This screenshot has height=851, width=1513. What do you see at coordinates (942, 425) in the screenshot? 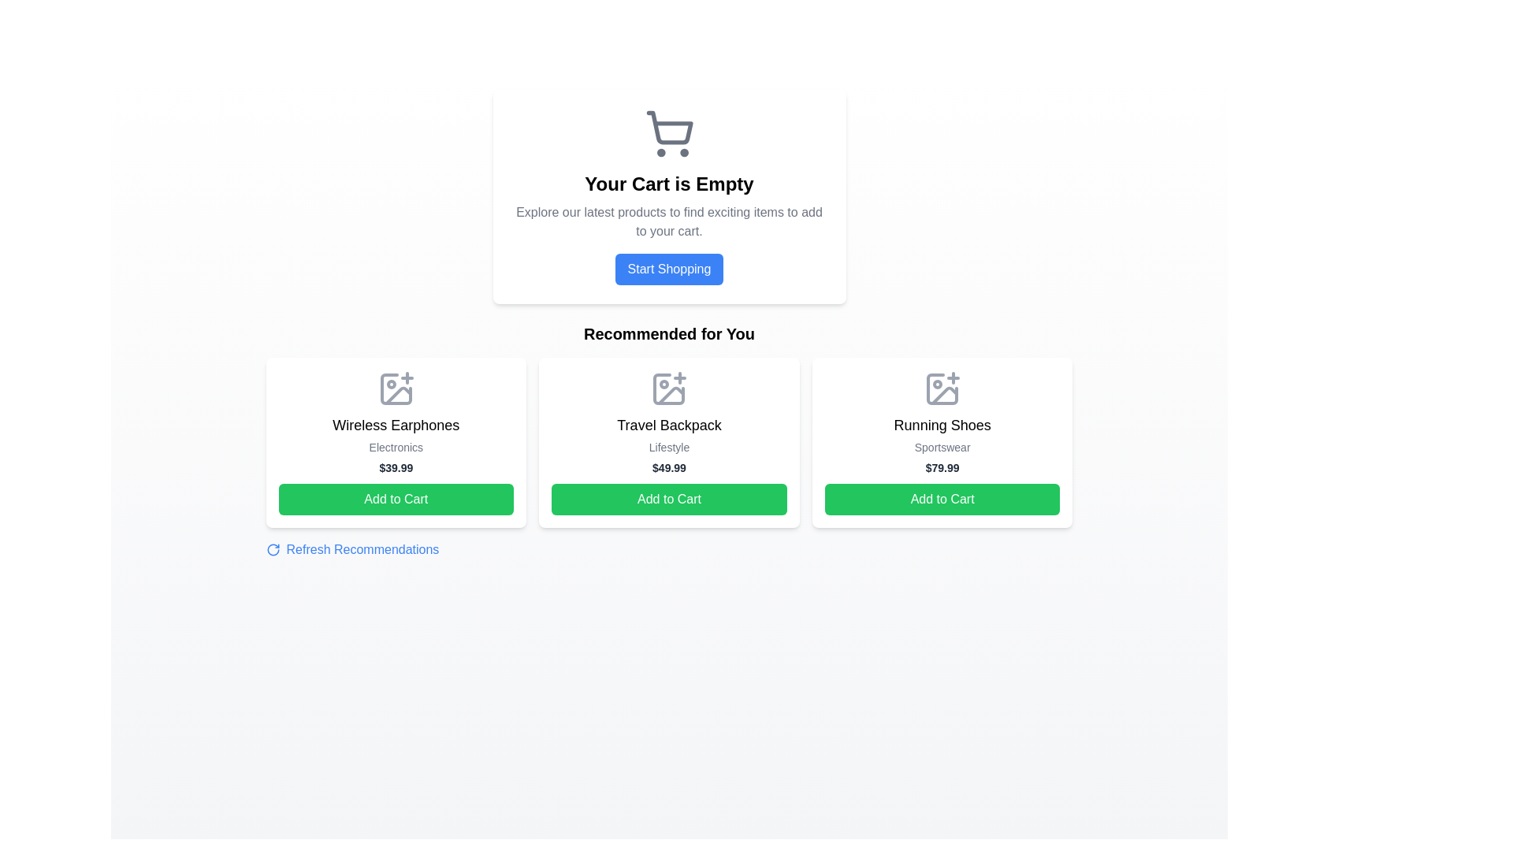
I see `the 'Running Shoes' text label, which is styled in bold font and located in the middle column of a three-column card layout, positioned below an image placeholder and above a smaller label 'Sportswear'` at bounding box center [942, 425].